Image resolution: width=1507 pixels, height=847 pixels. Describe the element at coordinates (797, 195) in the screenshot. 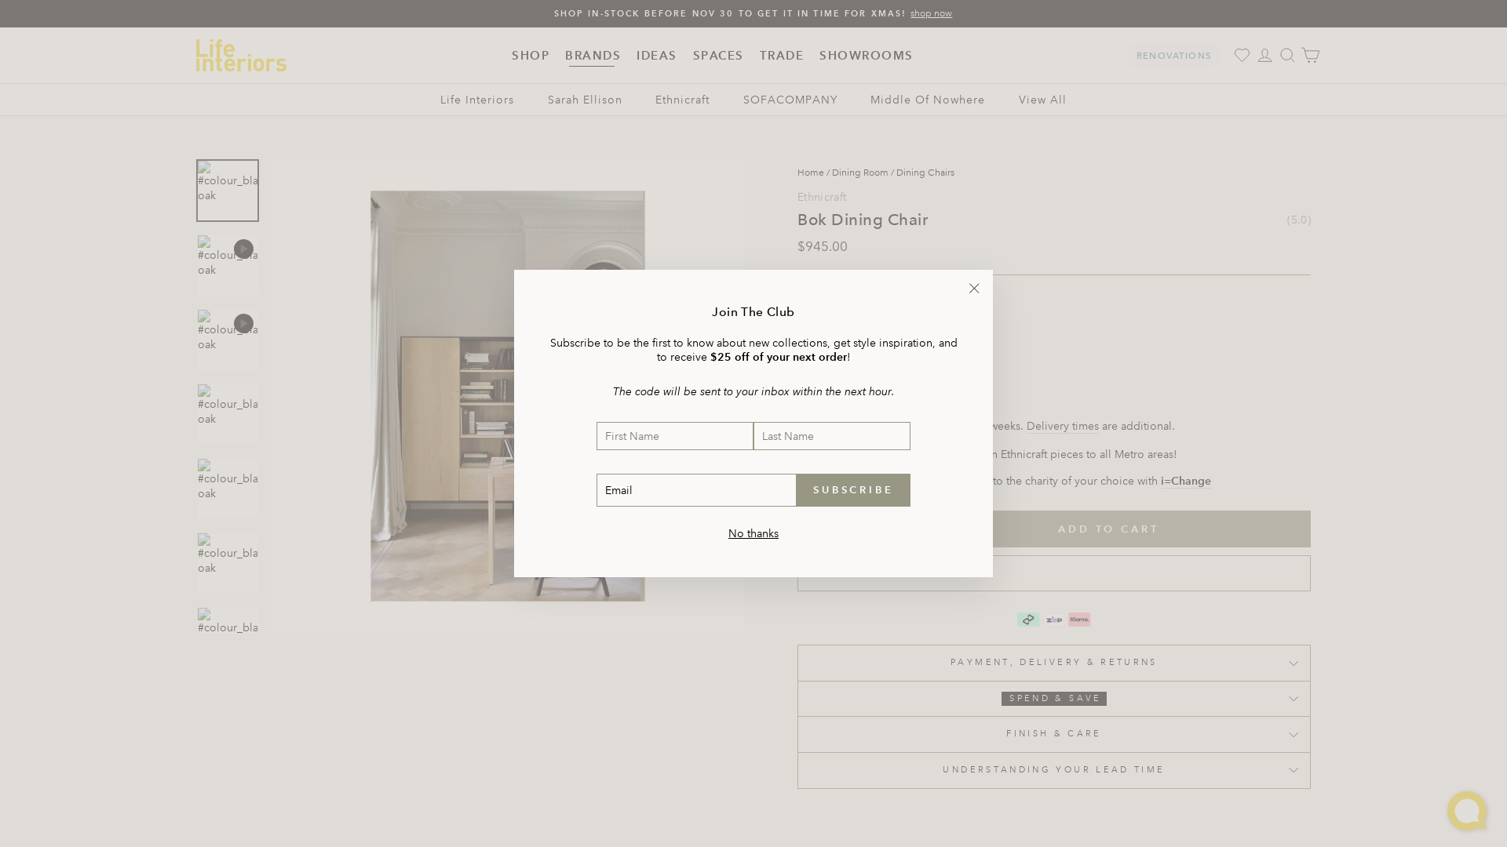

I see `'Ethnicraft'` at that location.